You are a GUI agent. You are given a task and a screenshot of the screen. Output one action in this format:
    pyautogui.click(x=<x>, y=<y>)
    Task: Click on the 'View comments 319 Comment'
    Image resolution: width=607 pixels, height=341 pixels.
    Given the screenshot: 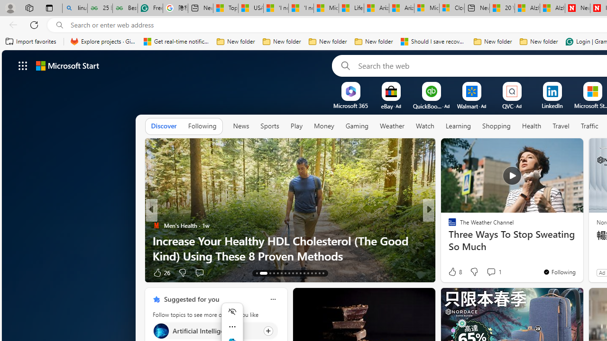 What is the action you would take?
    pyautogui.click(x=491, y=272)
    